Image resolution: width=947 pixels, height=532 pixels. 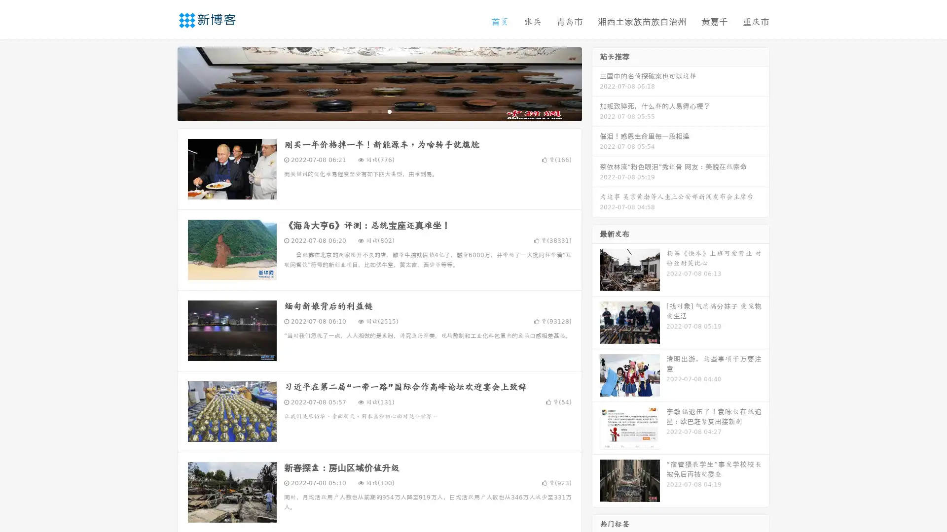 What do you see at coordinates (163, 83) in the screenshot?
I see `Previous slide` at bounding box center [163, 83].